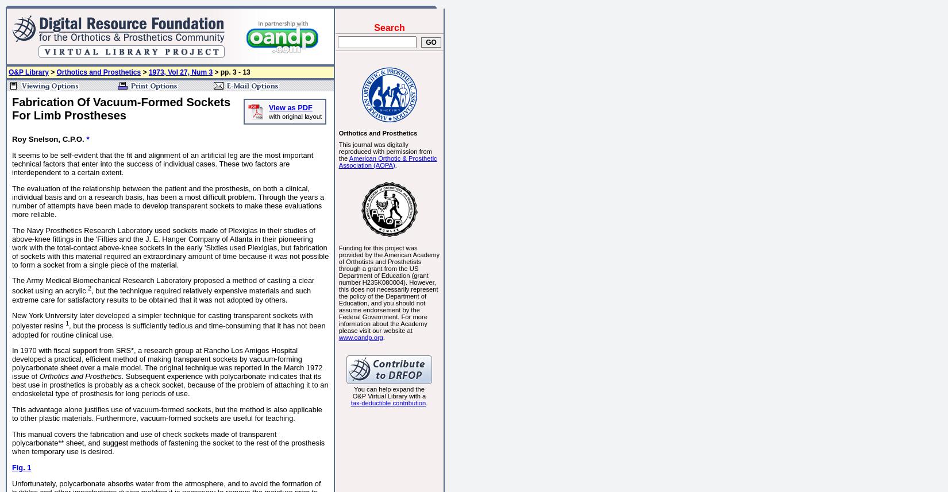 This screenshot has width=948, height=492. Describe the element at coordinates (168, 200) in the screenshot. I see `'The evaluation of the relationship between the patient and the prosthesis, on both a clinical, individual basis and on a research basis, has been a most difficult problem. Through the years a number of attempts have been made to develop transparent sockets to make these evaluations more reliable.'` at that location.